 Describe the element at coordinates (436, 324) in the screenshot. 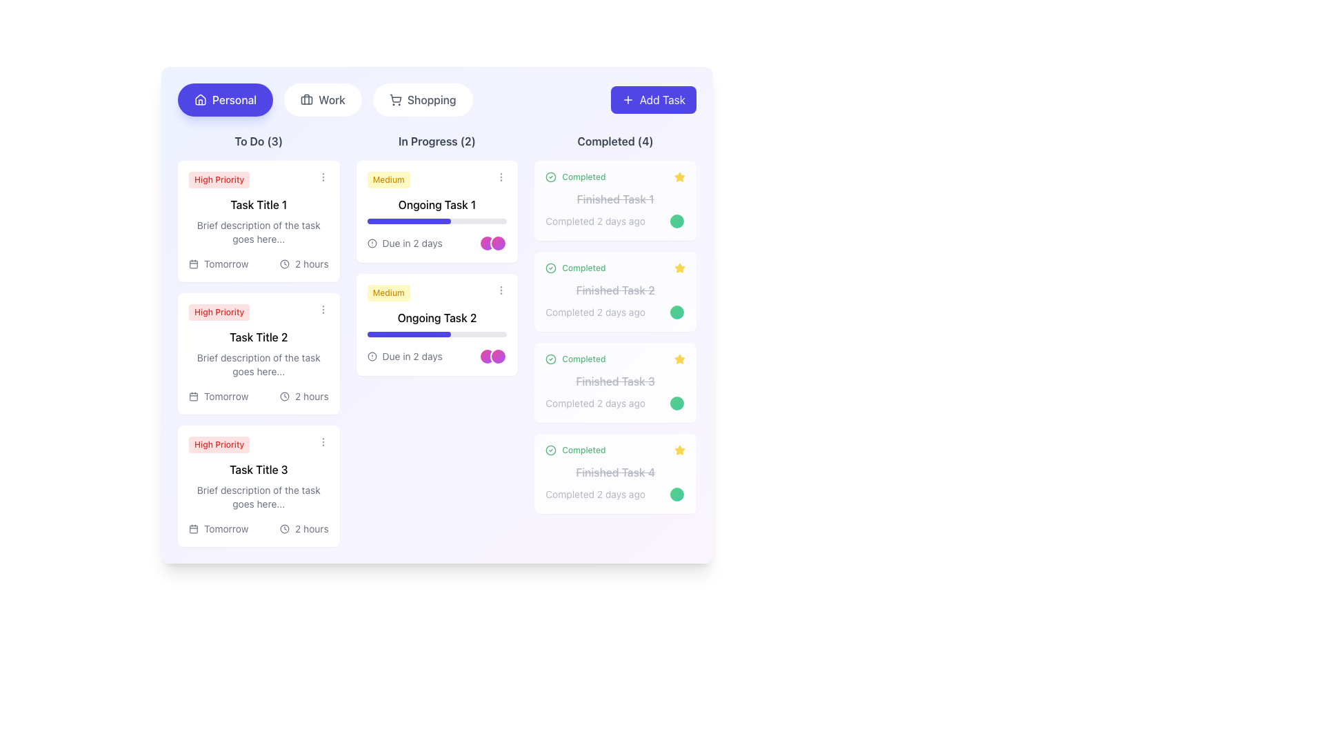

I see `task details from the task card styled with a white background and rounded corners, which contains the text 'Medium Ongoing Task 2 Due in 2 days' and is located in the 'In Progress' column` at that location.